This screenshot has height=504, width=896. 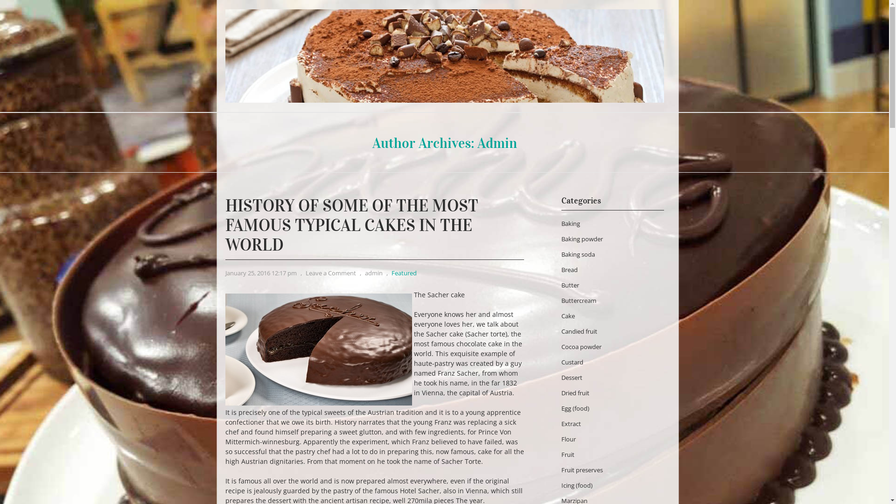 What do you see at coordinates (581, 238) in the screenshot?
I see `'Baking powder'` at bounding box center [581, 238].